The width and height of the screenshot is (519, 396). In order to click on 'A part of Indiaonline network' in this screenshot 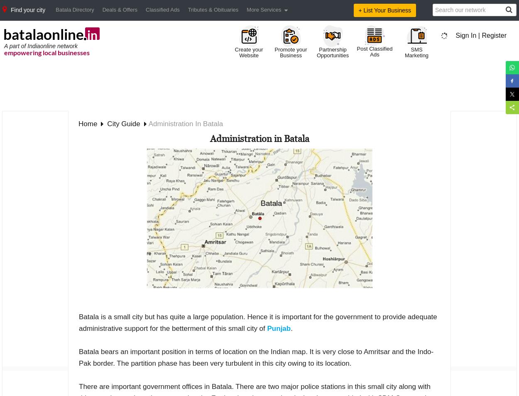, I will do `click(40, 45)`.